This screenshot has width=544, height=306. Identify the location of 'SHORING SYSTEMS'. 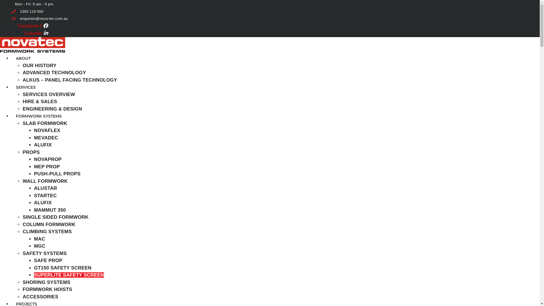
(46, 282).